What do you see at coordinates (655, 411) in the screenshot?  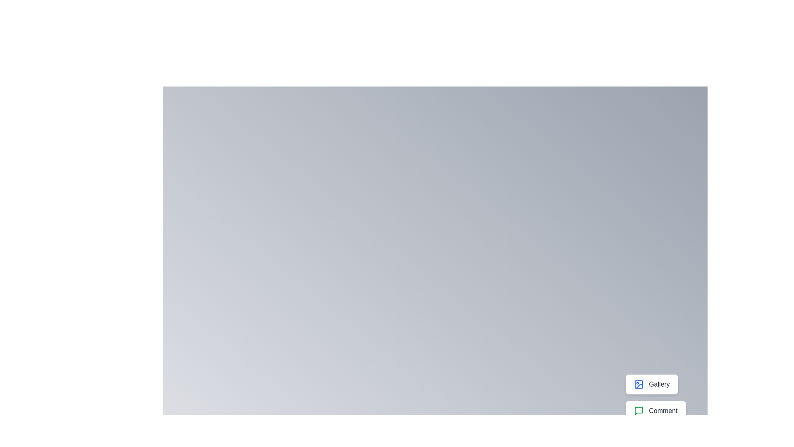 I see `the button labeled Comment` at bounding box center [655, 411].